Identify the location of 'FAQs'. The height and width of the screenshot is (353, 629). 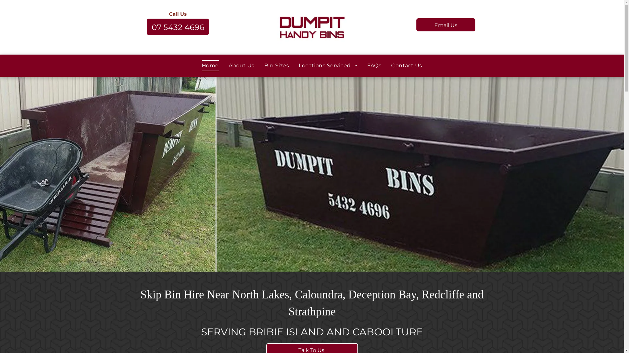
(374, 65).